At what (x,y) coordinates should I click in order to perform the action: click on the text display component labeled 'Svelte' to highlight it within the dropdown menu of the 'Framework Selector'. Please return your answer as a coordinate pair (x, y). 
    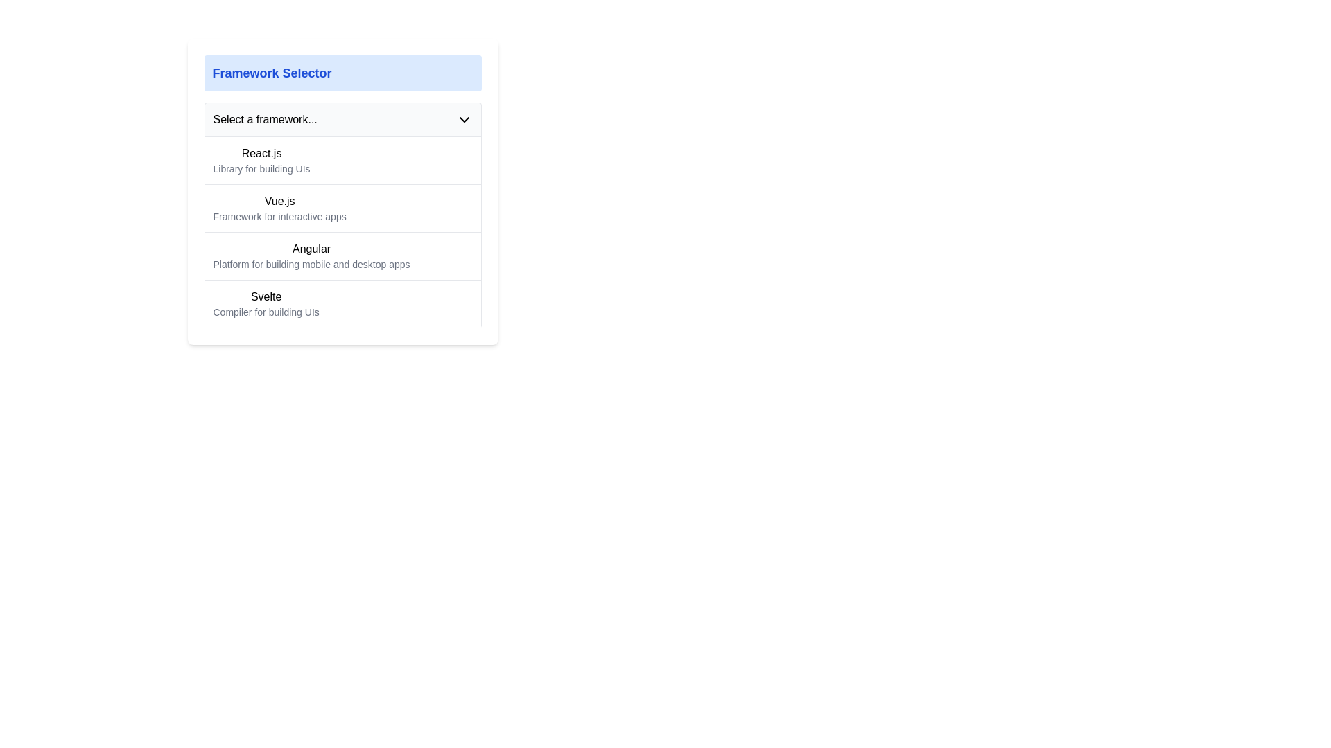
    Looking at the image, I should click on (266, 303).